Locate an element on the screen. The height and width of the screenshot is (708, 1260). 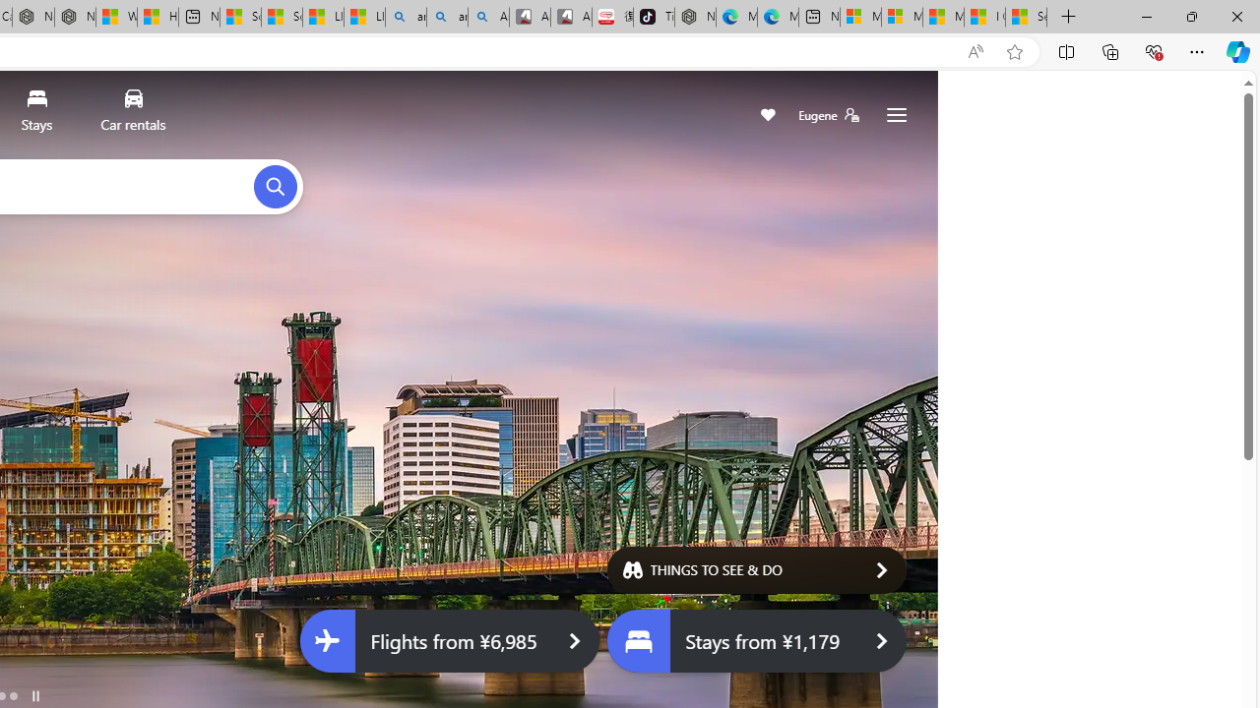
'Car rentals' is located at coordinates (132, 115).